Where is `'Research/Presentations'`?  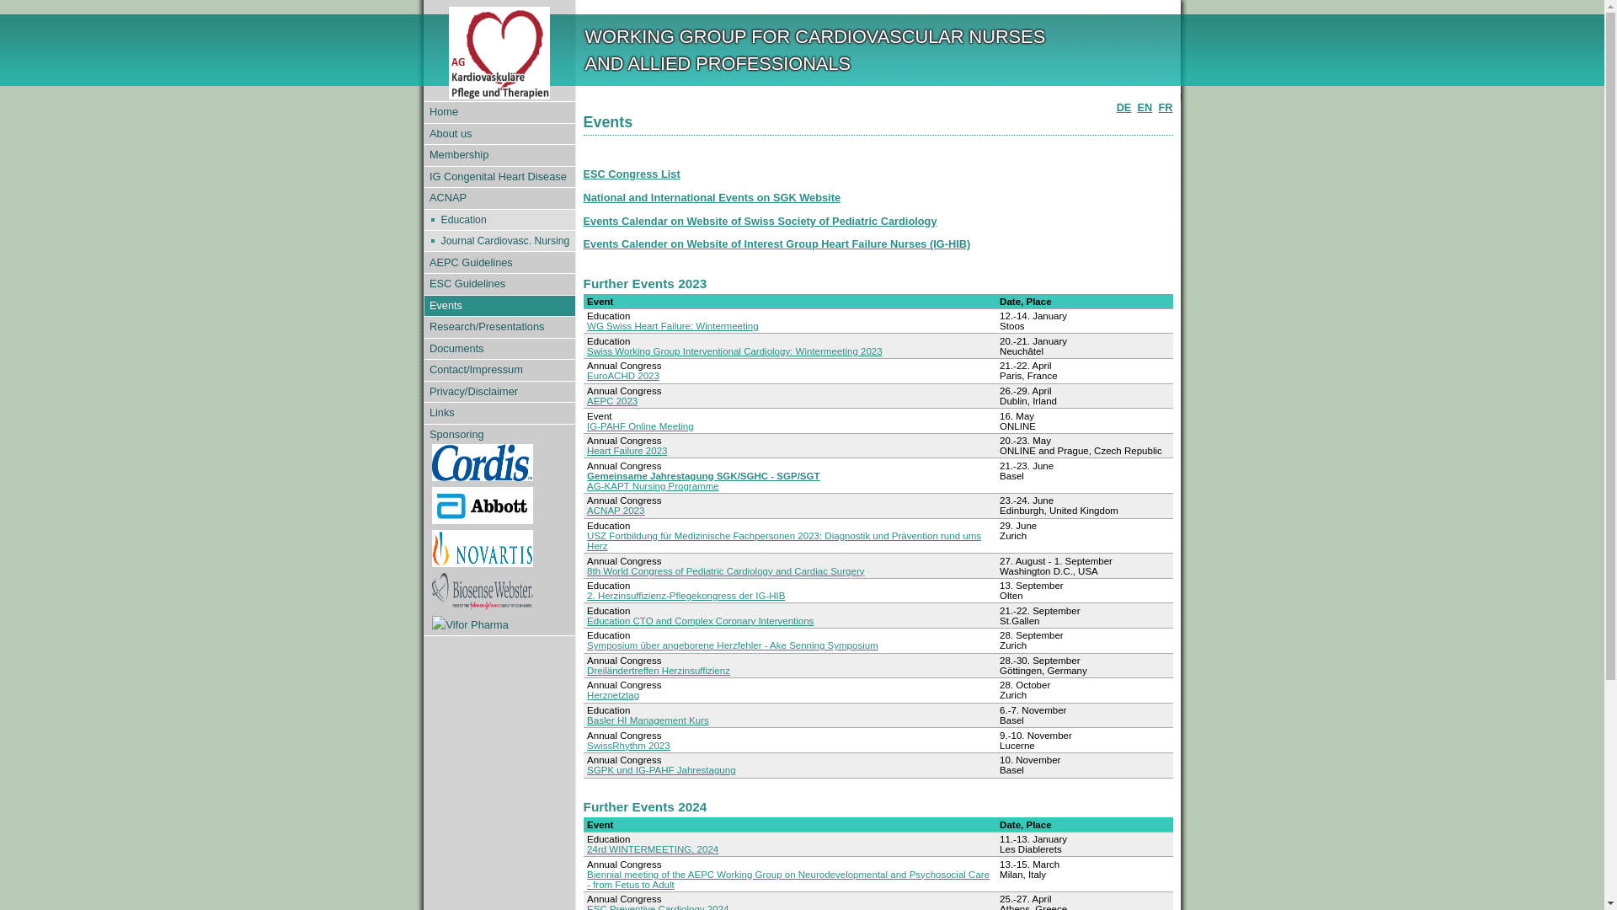 'Research/Presentations' is located at coordinates (499, 327).